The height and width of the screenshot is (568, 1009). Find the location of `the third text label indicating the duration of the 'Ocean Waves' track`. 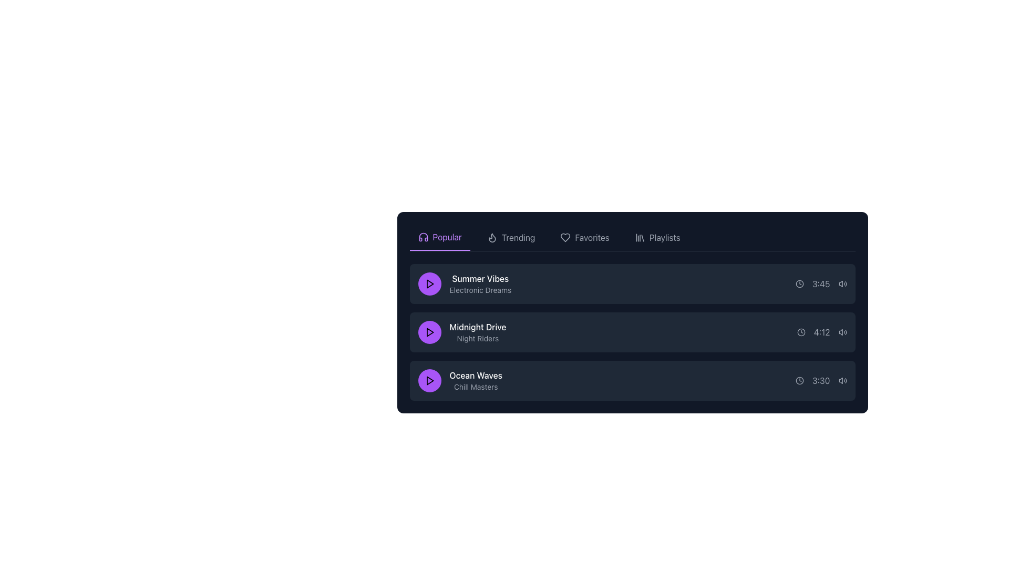

the third text label indicating the duration of the 'Ocean Waves' track is located at coordinates (820, 381).